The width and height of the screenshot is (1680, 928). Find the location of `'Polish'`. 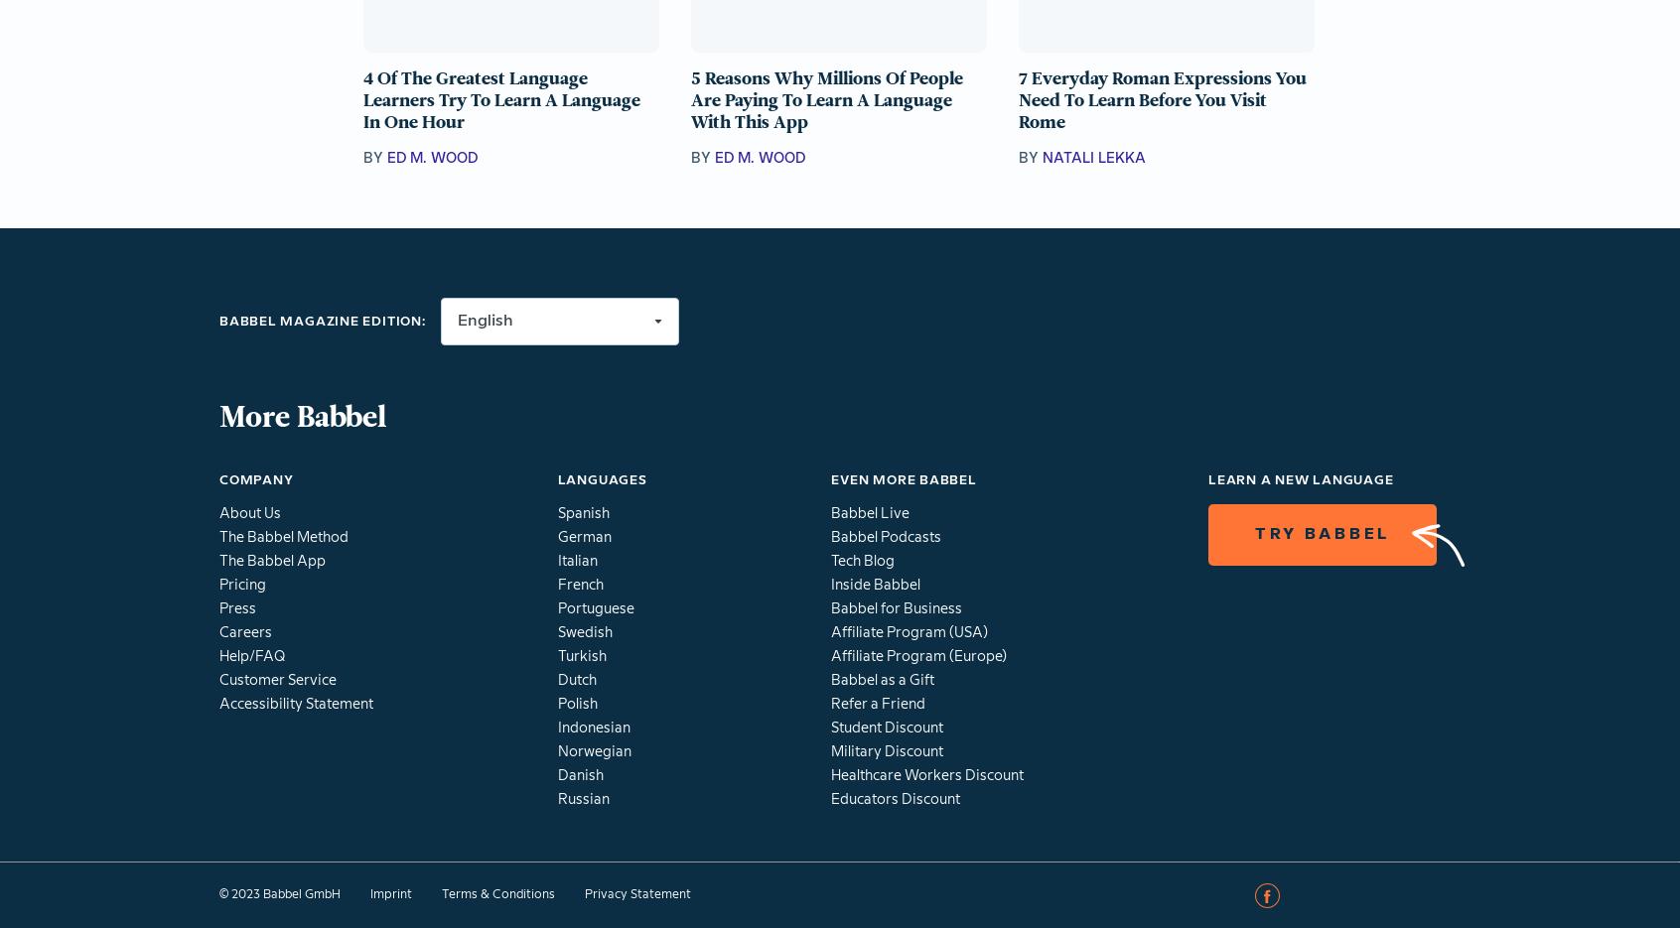

'Polish' is located at coordinates (576, 704).